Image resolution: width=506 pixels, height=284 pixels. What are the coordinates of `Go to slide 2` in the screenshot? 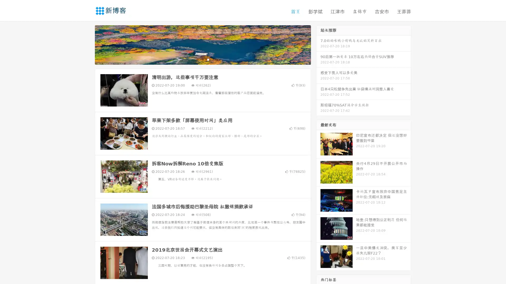 It's located at (202, 59).